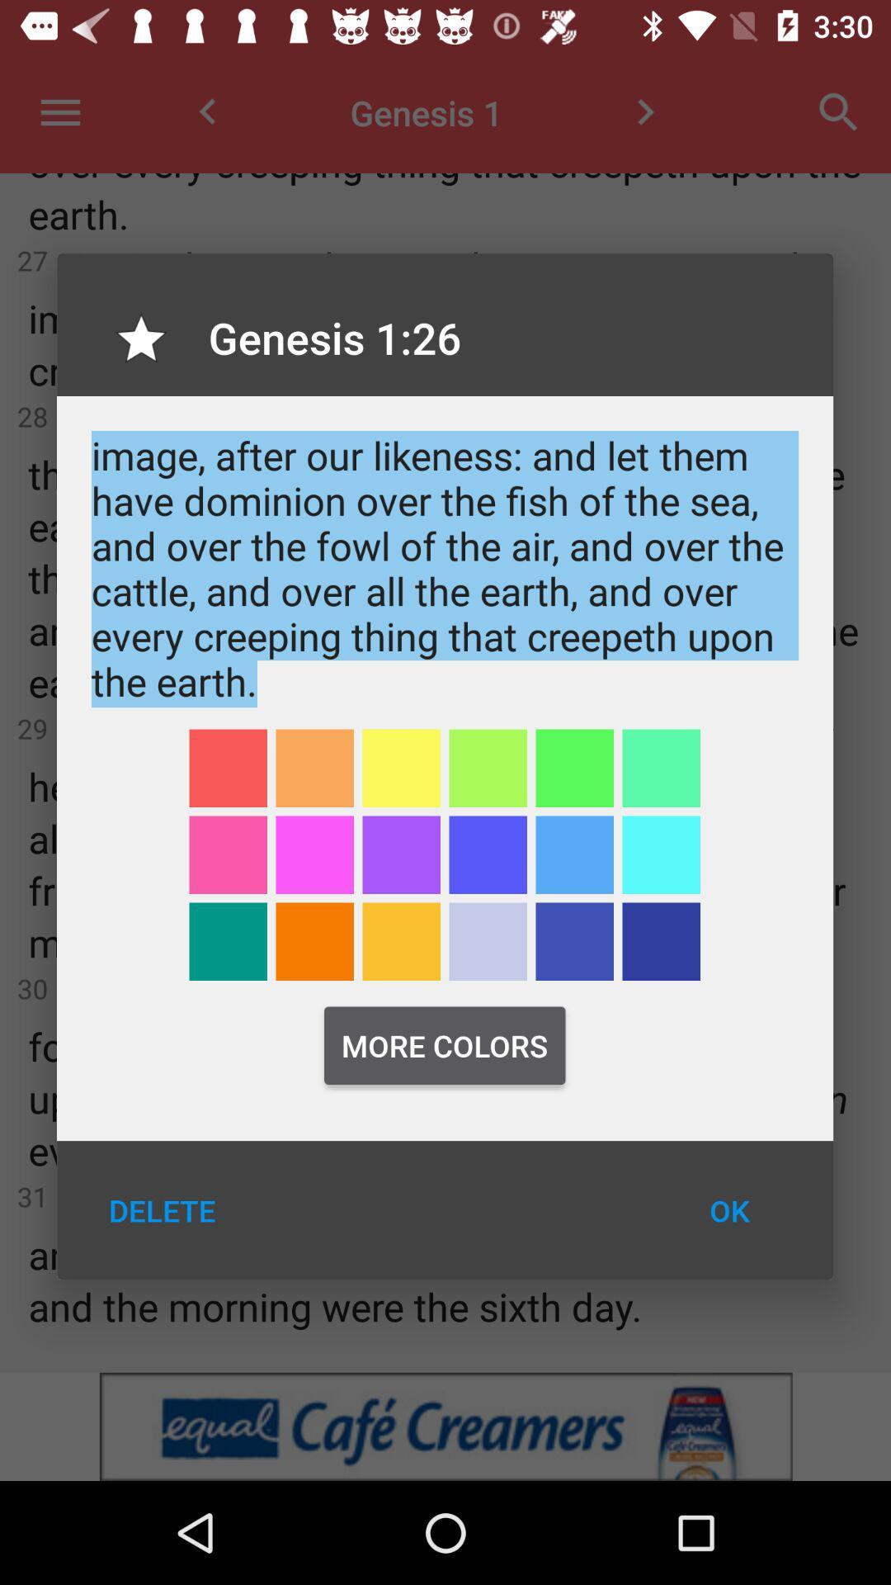 The height and width of the screenshot is (1585, 891). I want to click on highlight color, so click(401, 767).